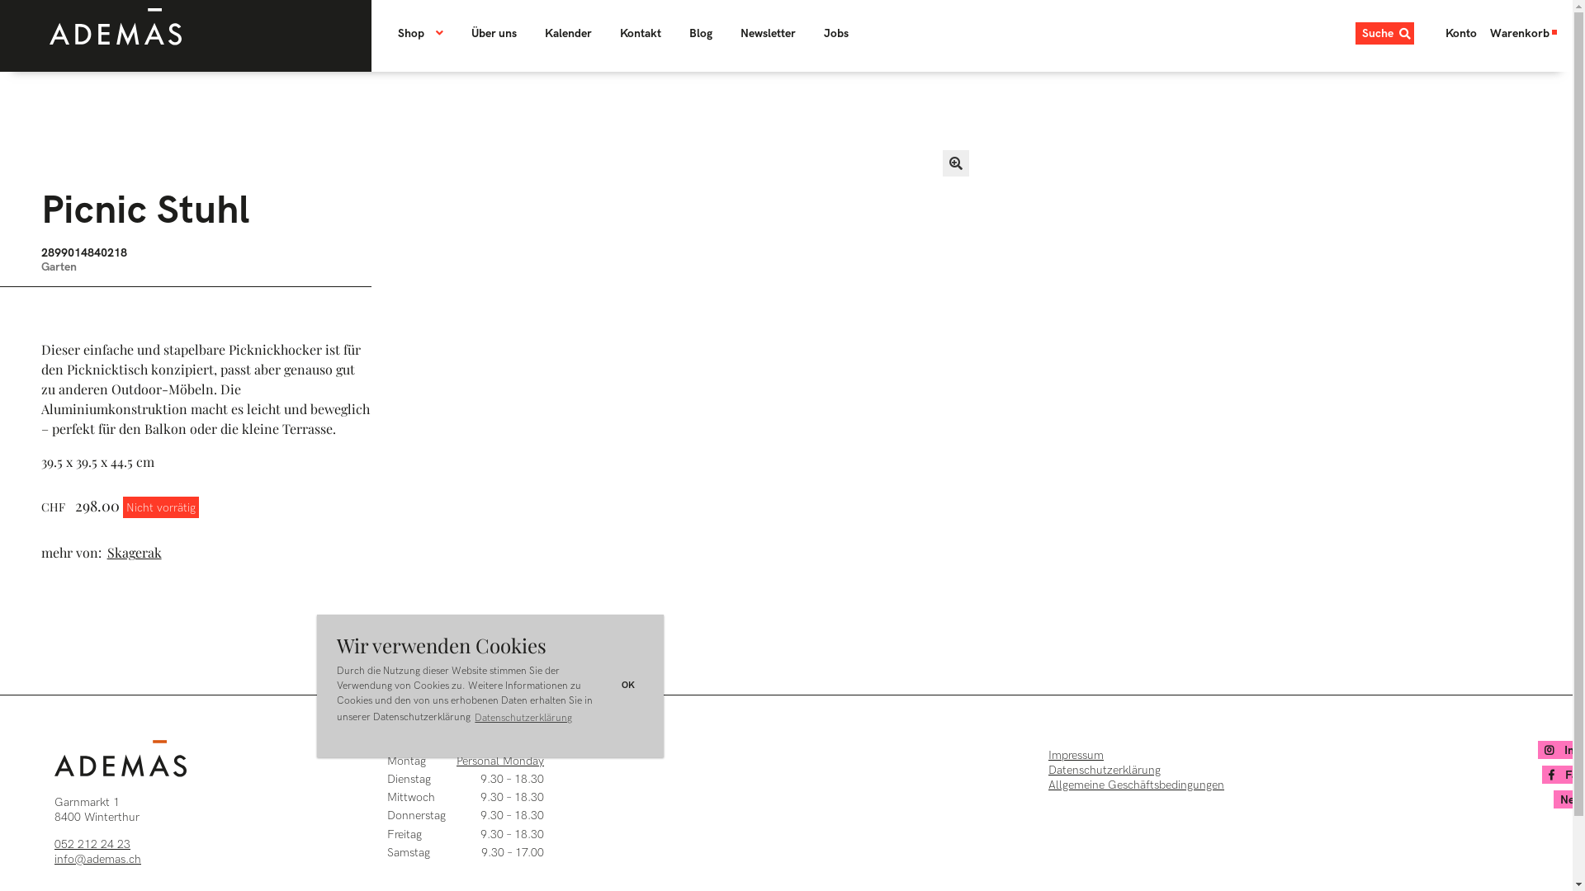  Describe the element at coordinates (1524, 33) in the screenshot. I see `'Warenkorb'` at that location.